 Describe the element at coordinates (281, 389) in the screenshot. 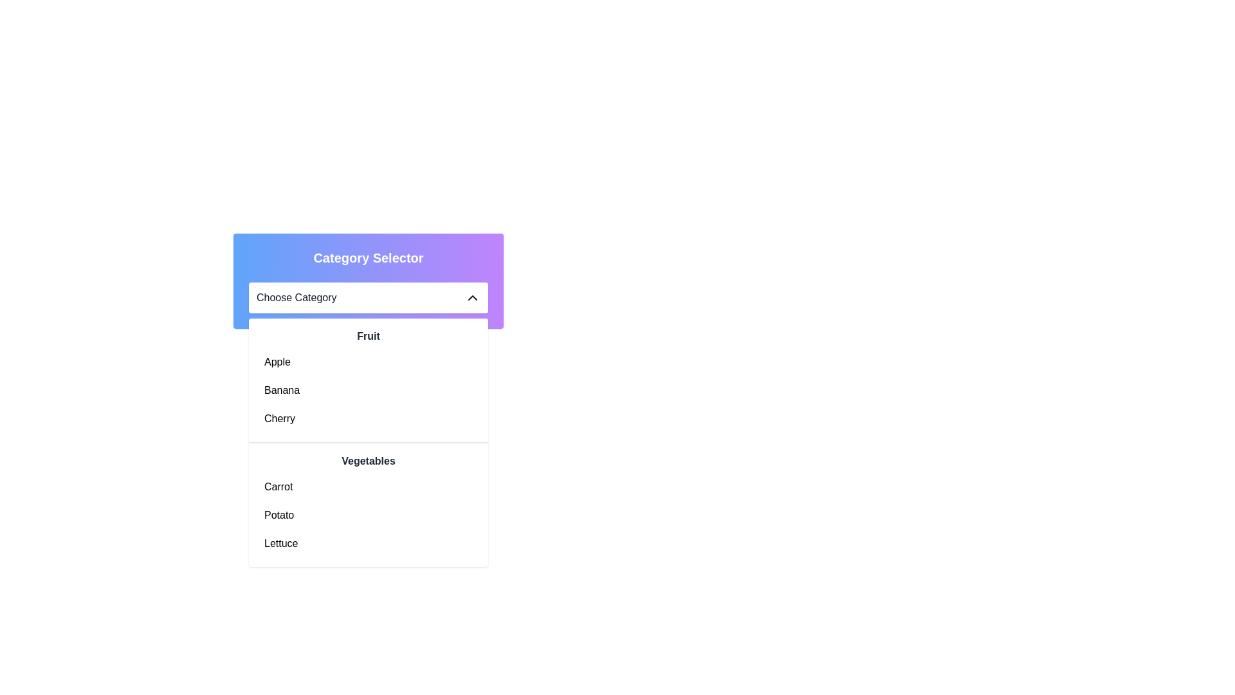

I see `the 'Banana' option in the dropdown menu, which is the second item under the 'Fruit' section, located below 'Apple' and above 'Cherry'` at that location.